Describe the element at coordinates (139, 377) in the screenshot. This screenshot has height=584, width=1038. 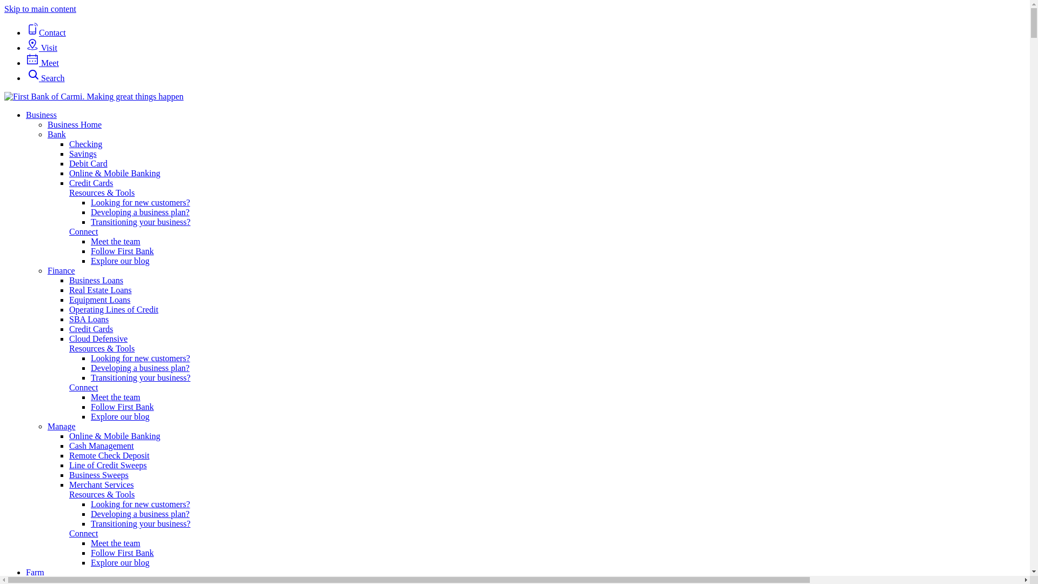
I see `'Transitioning your business?'` at that location.